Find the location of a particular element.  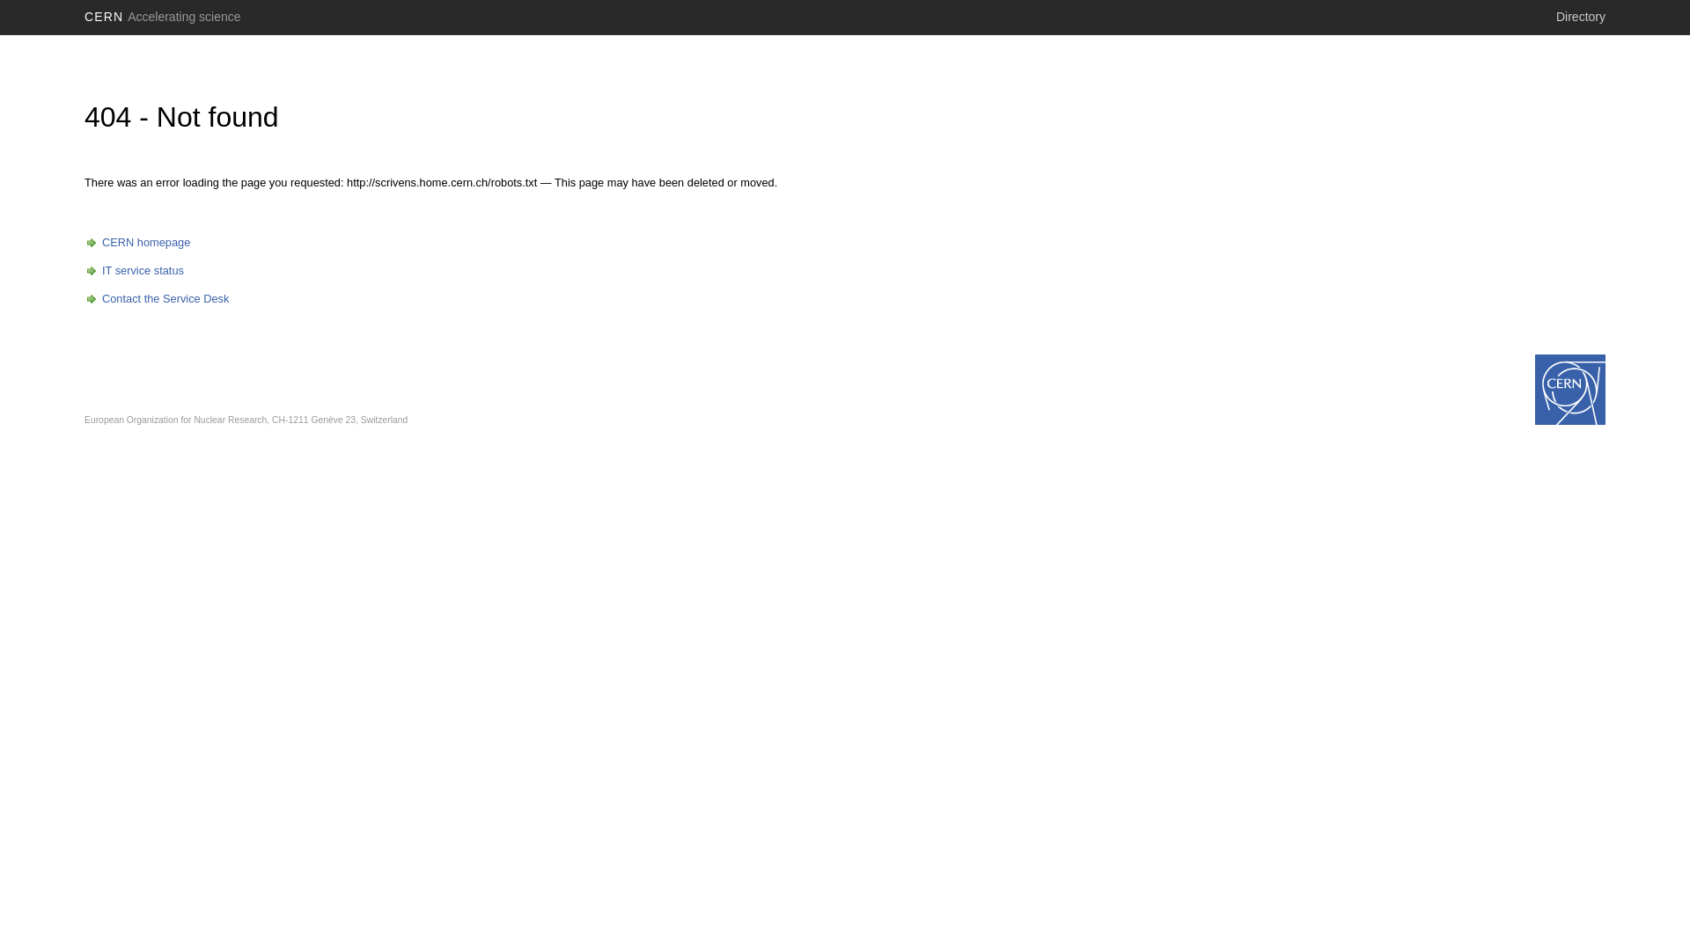

'CERN Accelerating science' is located at coordinates (163, 17).